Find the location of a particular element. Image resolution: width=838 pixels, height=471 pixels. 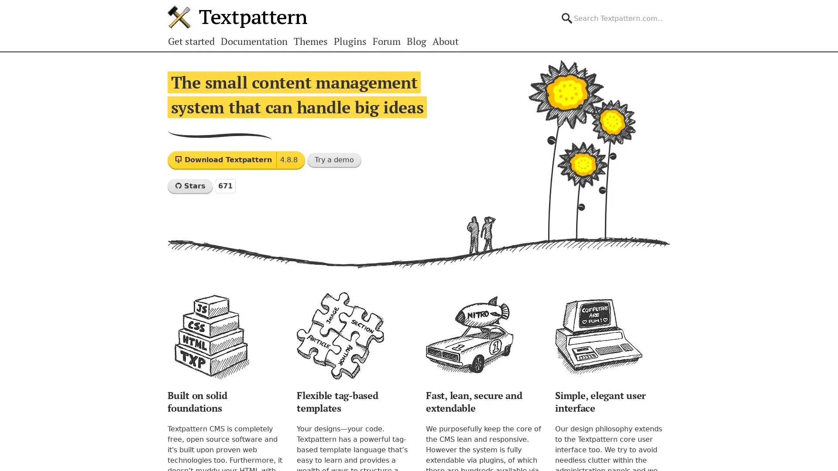

Submit Search is located at coordinates (670, 10).